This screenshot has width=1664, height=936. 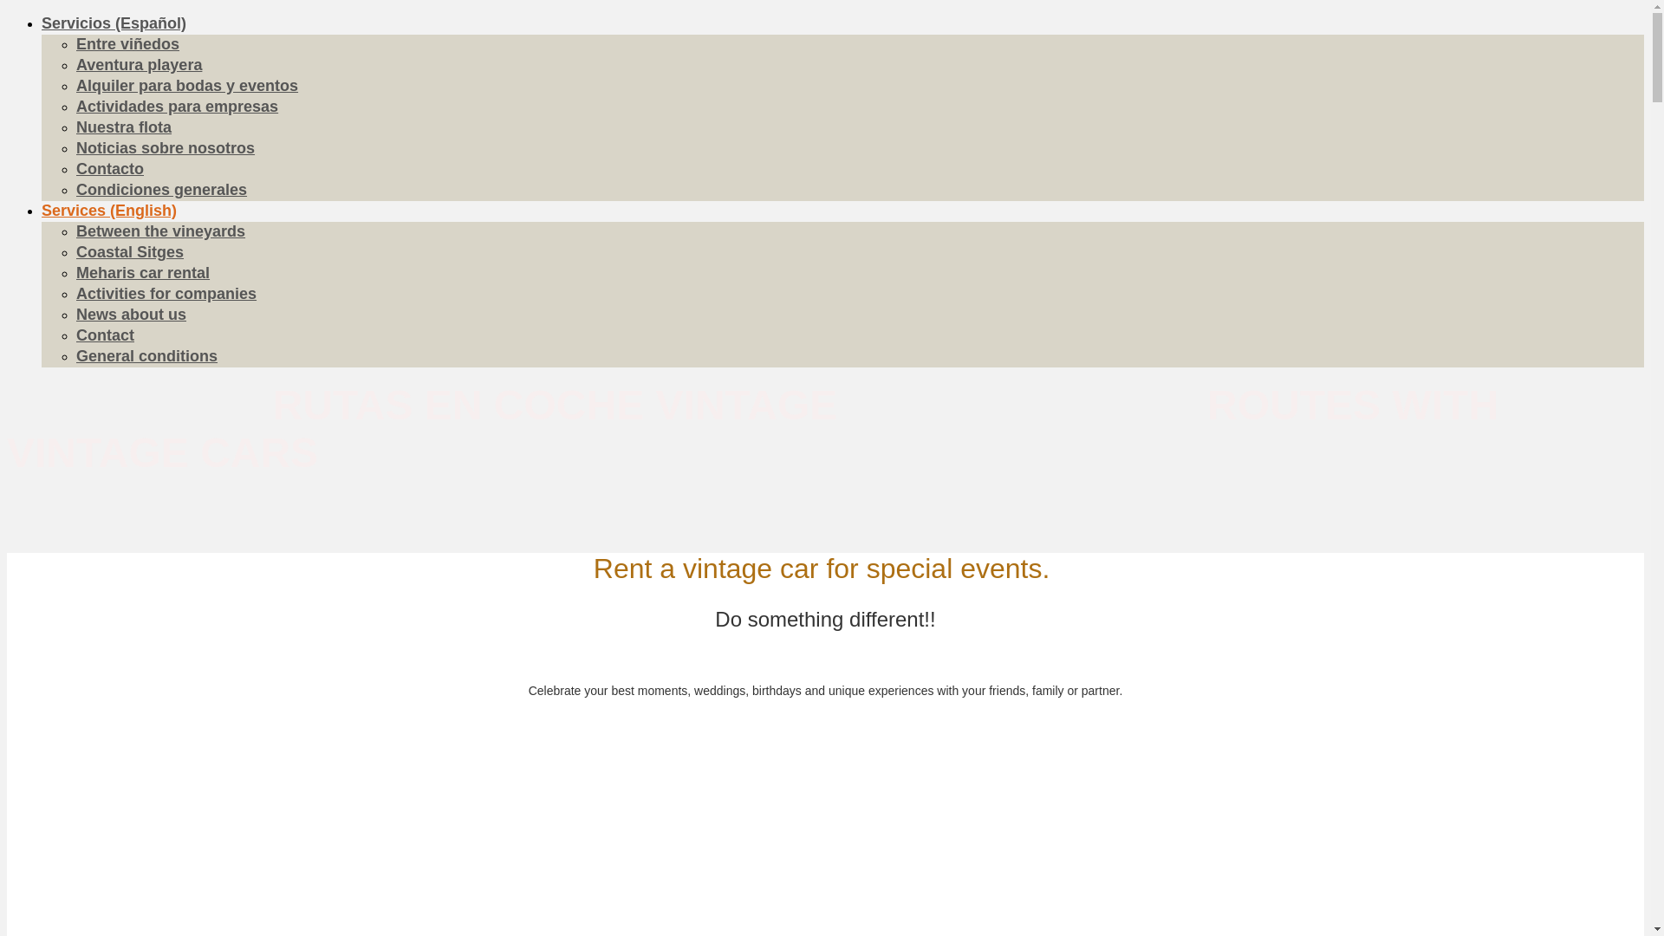 I want to click on 'Aventura playera', so click(x=139, y=63).